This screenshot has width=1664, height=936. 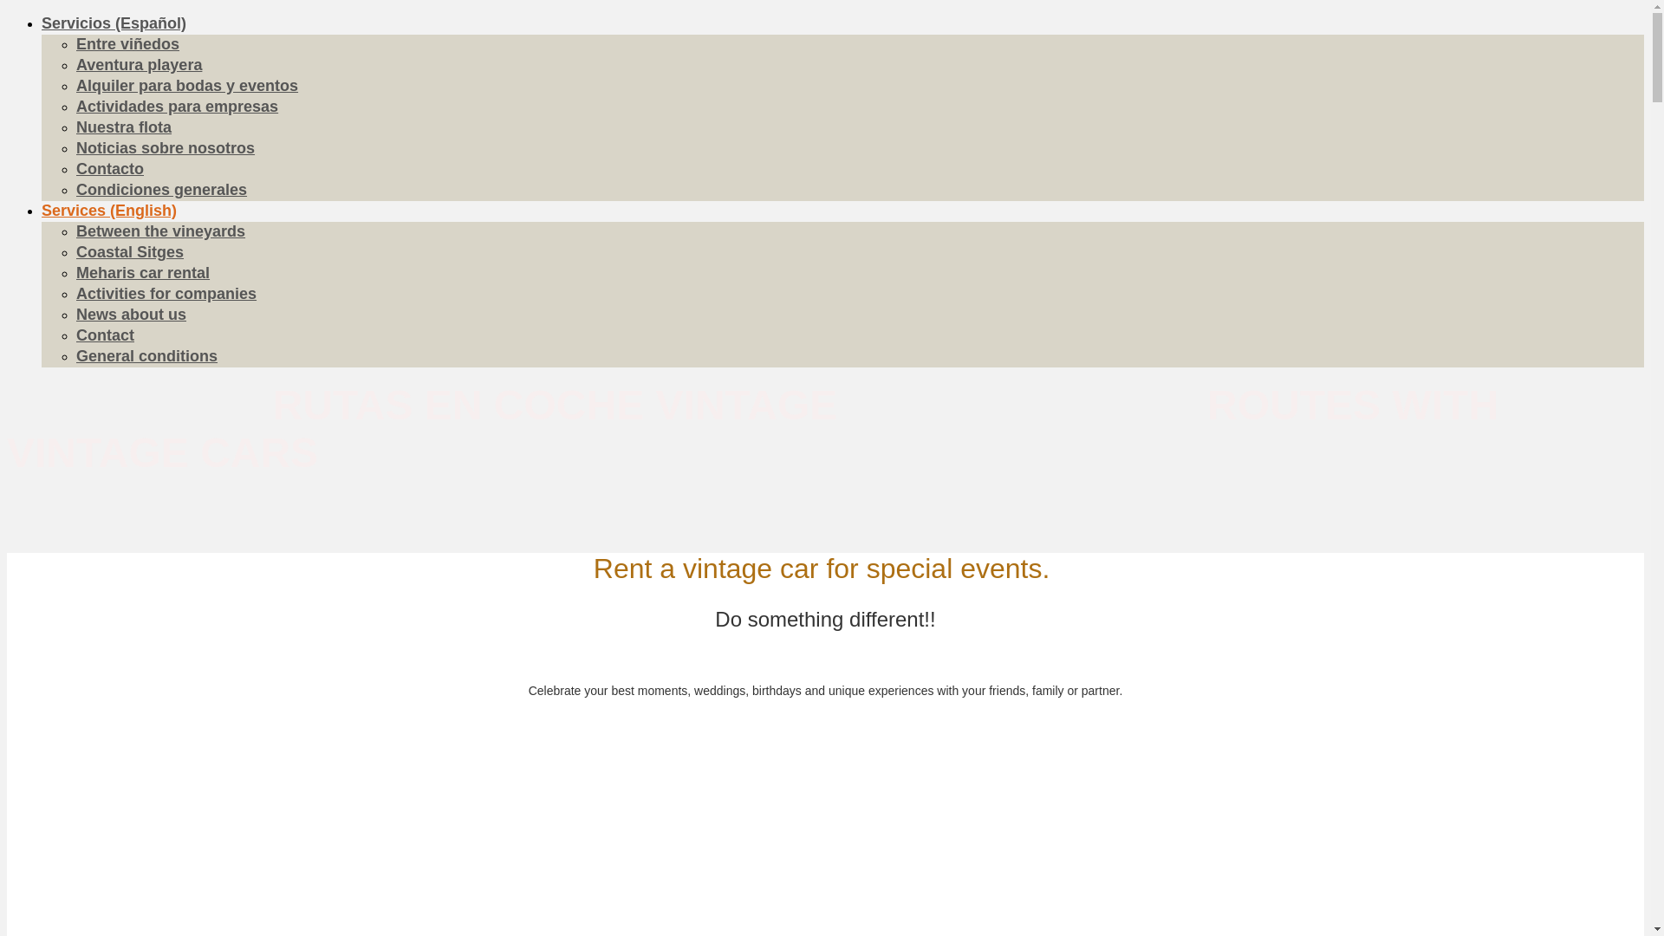 I want to click on 'Aventura playera', so click(x=139, y=63).